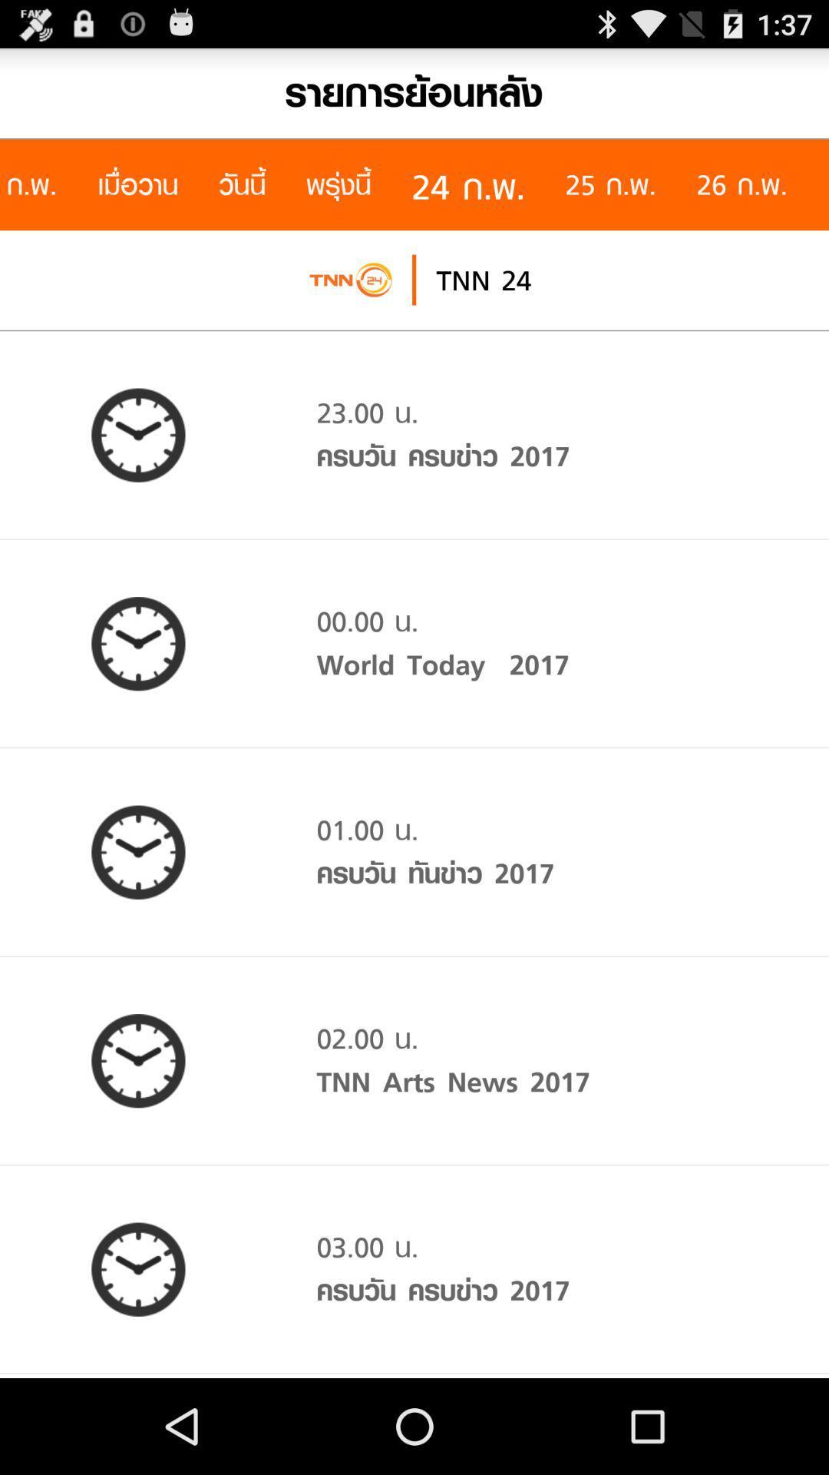 The width and height of the screenshot is (829, 1475). Describe the element at coordinates (443, 665) in the screenshot. I see `the world today  2017` at that location.